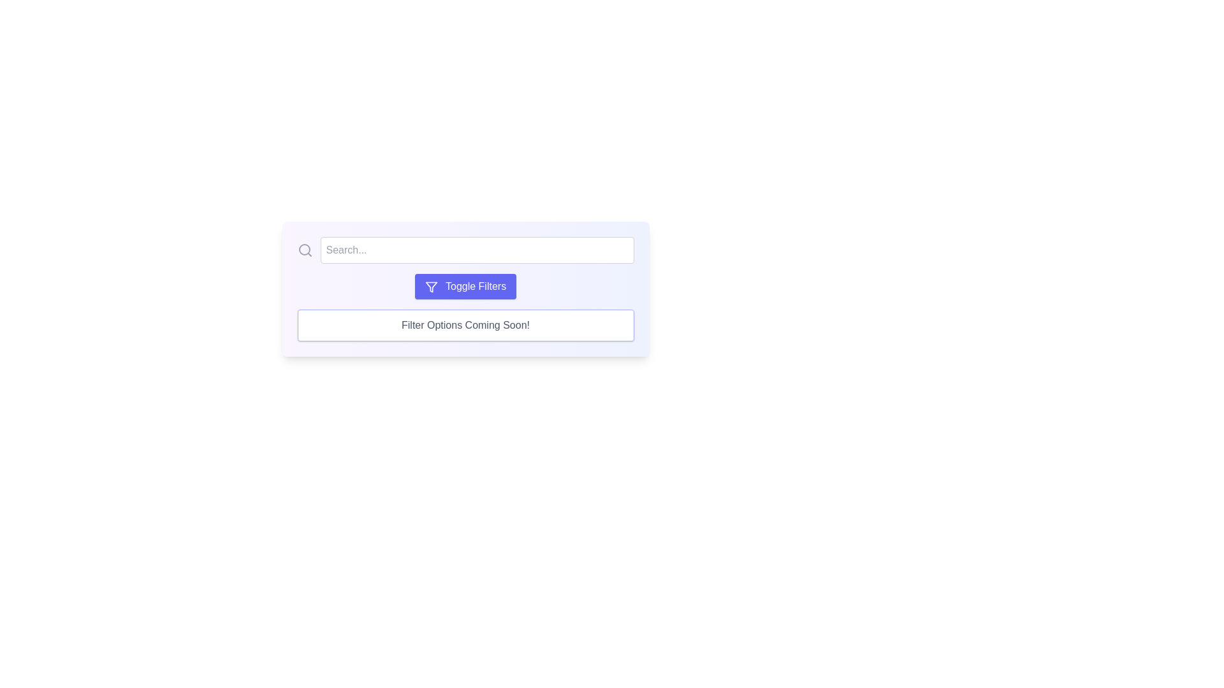  What do you see at coordinates (431, 287) in the screenshot?
I see `the funnel icon located within the 'Toggle Filters' button, positioned to the left of the button text` at bounding box center [431, 287].